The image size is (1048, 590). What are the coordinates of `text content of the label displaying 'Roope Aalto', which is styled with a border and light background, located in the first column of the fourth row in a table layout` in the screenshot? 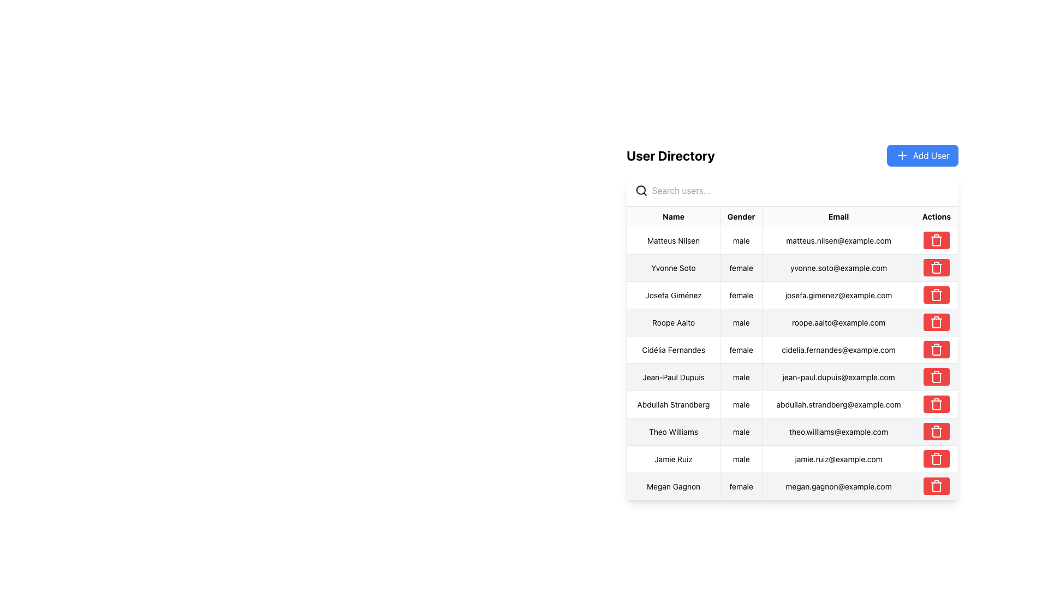 It's located at (672, 322).